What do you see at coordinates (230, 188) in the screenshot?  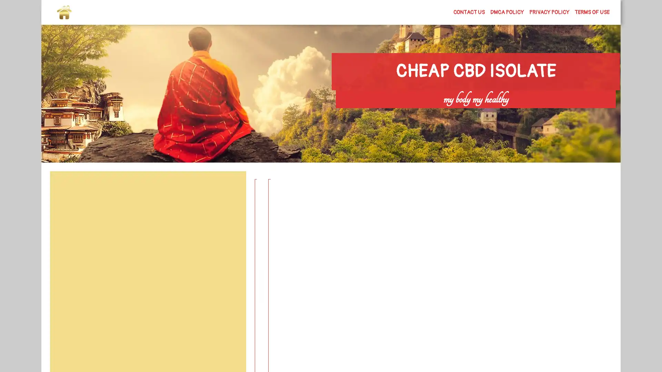 I see `Search` at bounding box center [230, 188].